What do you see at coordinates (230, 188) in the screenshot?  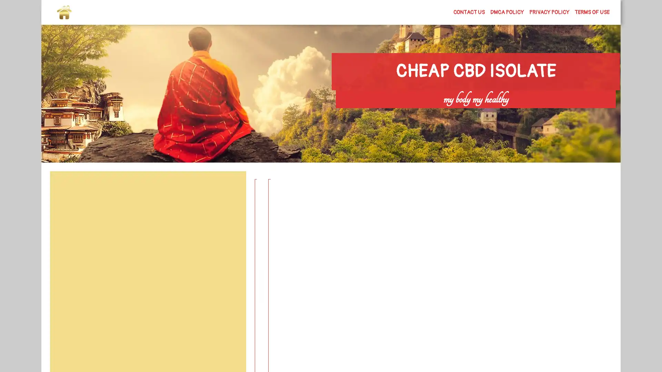 I see `Search` at bounding box center [230, 188].